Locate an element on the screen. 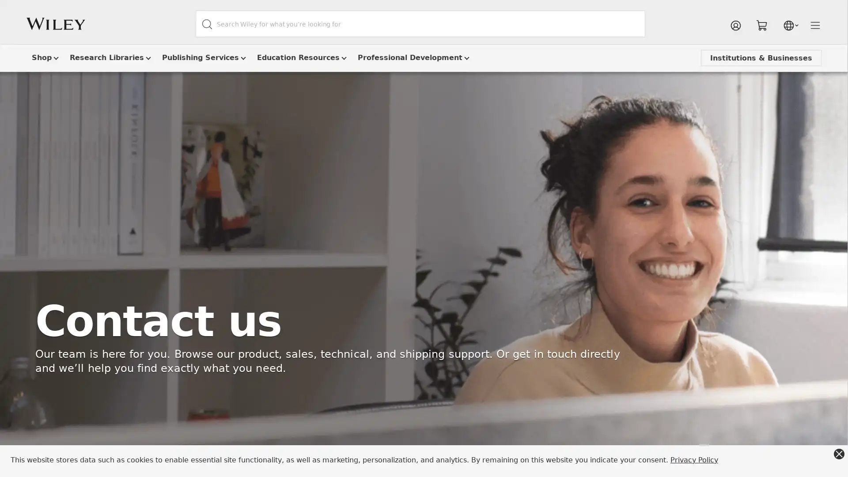 This screenshot has width=848, height=477. Research Libraries is located at coordinates (109, 57).